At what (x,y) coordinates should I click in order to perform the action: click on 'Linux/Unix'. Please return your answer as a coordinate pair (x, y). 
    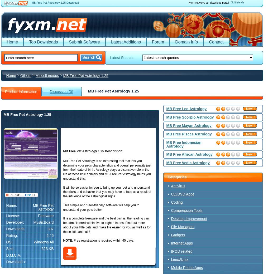
    Looking at the image, I should click on (179, 259).